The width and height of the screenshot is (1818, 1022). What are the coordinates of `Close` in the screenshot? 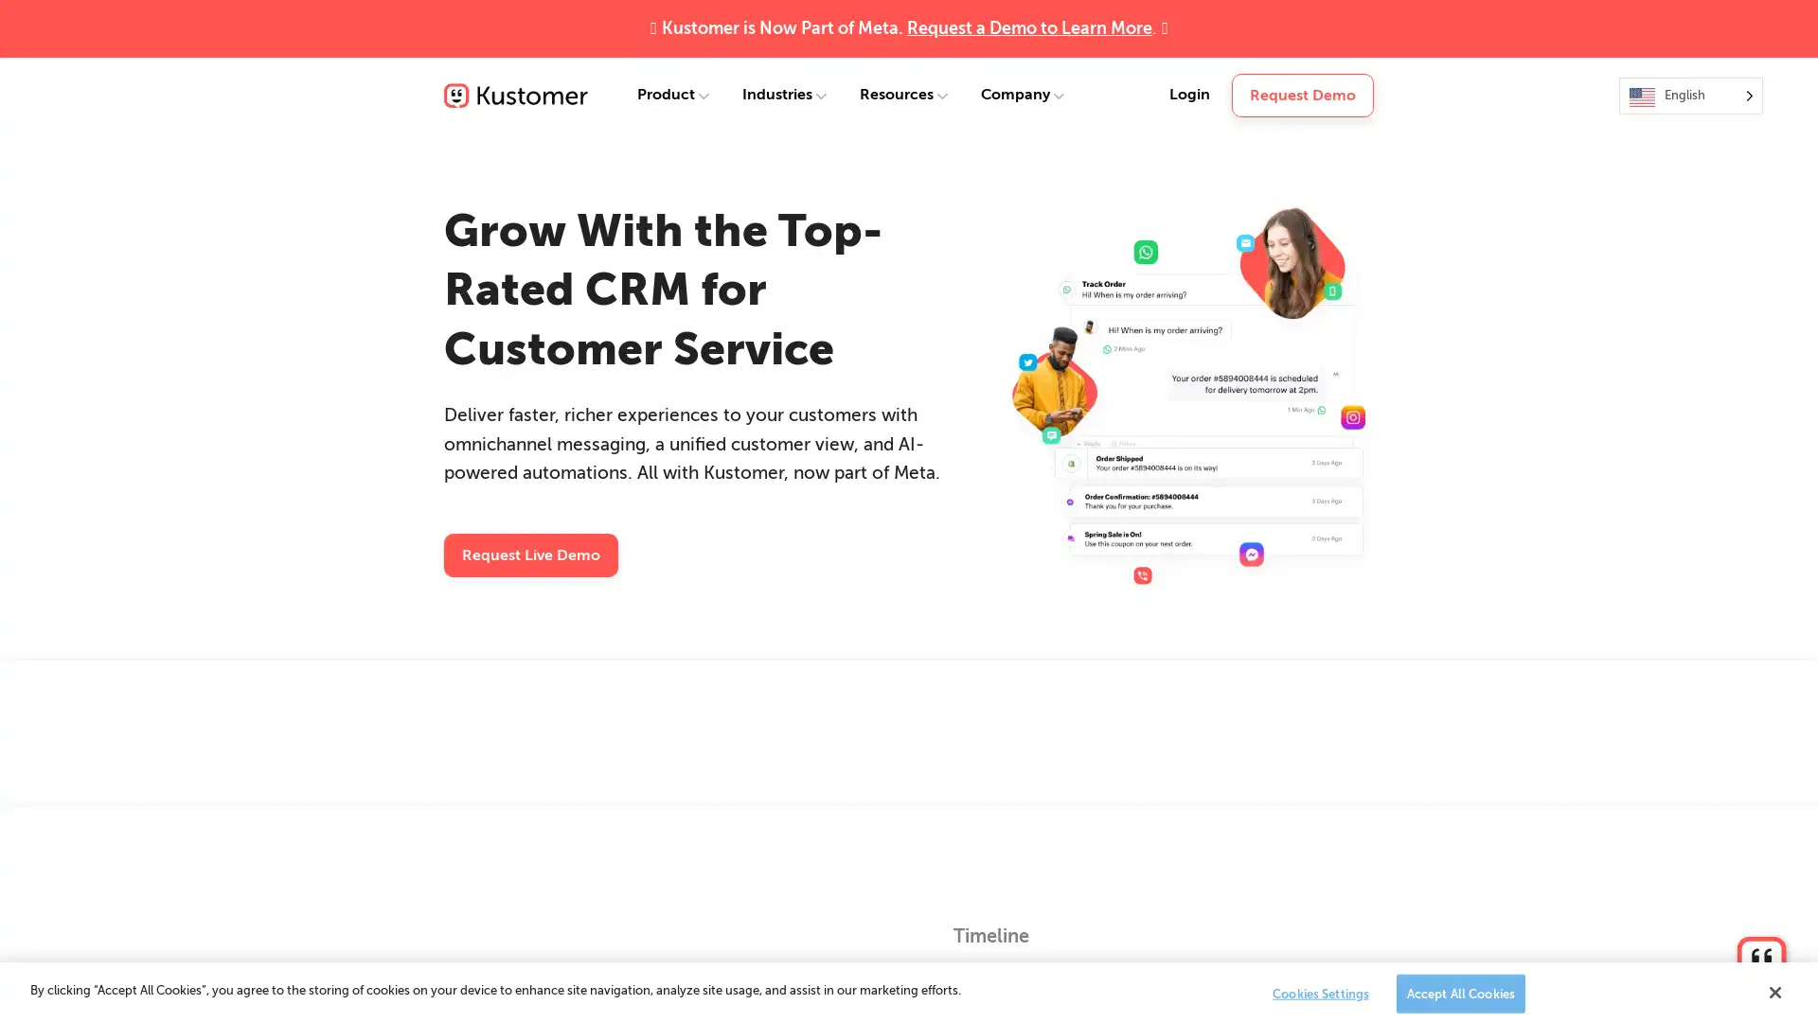 It's located at (1774, 991).